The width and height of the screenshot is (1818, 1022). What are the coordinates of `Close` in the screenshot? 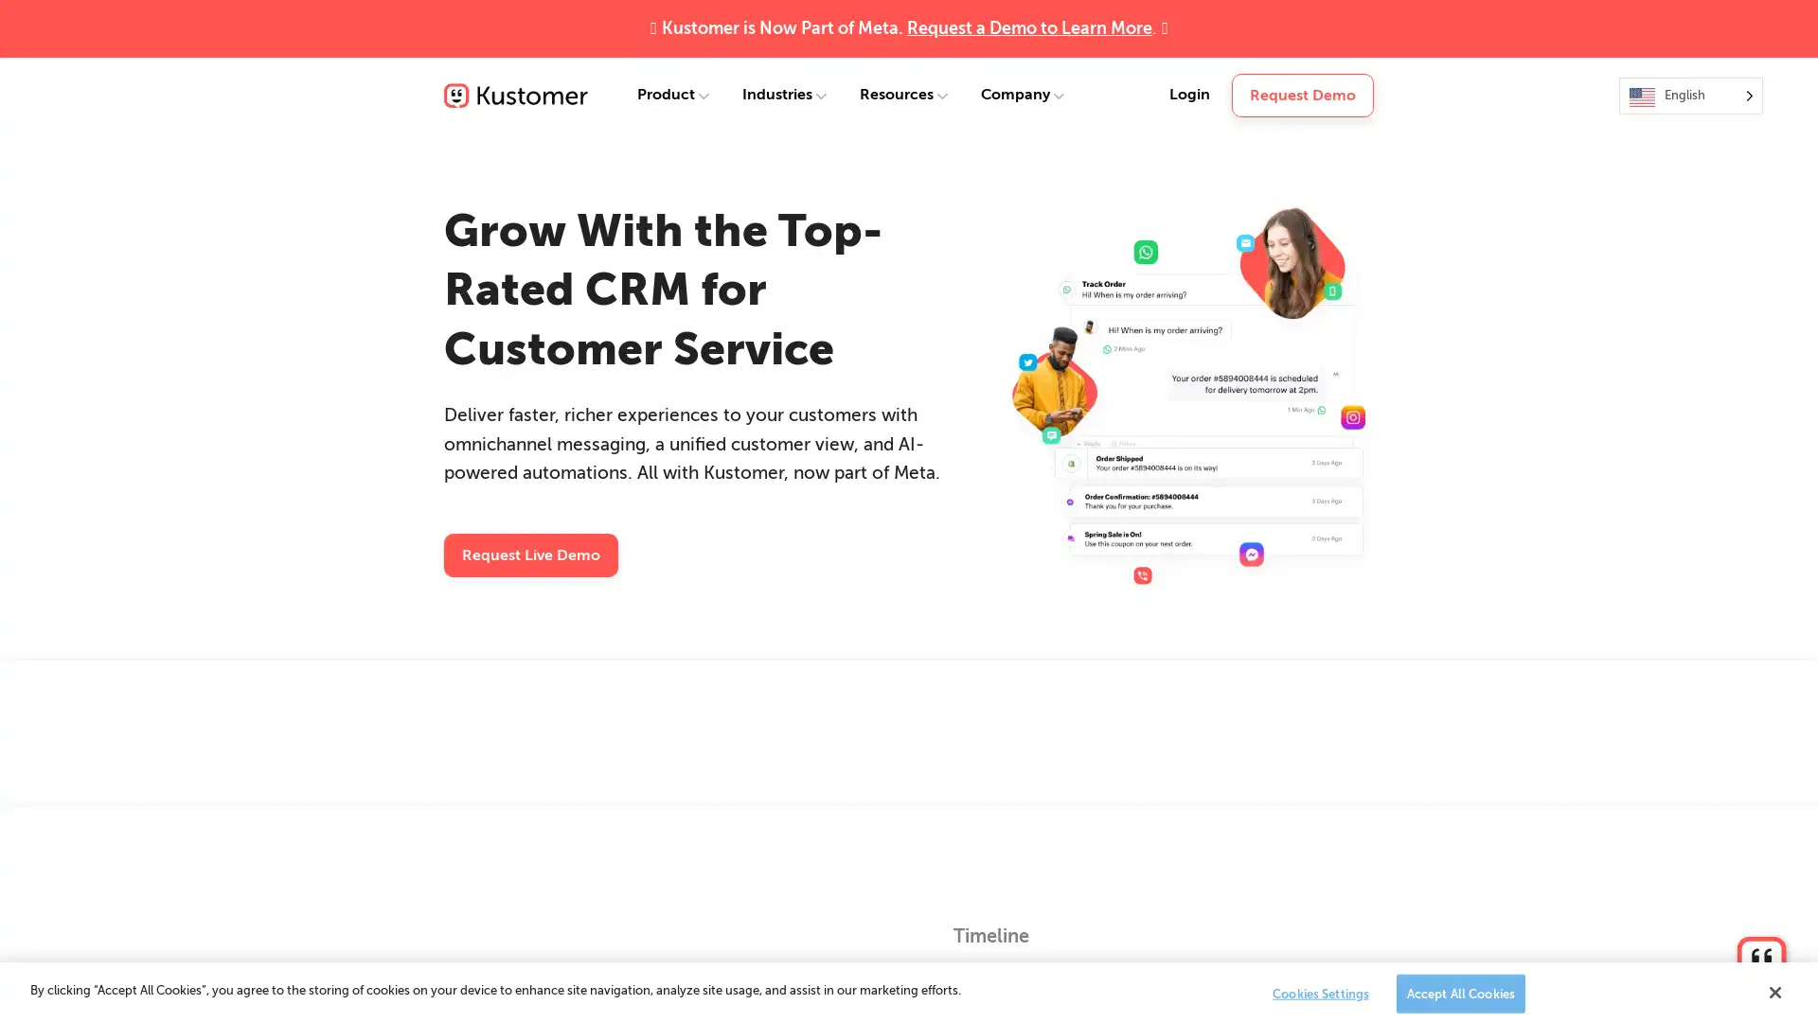 It's located at (1774, 991).